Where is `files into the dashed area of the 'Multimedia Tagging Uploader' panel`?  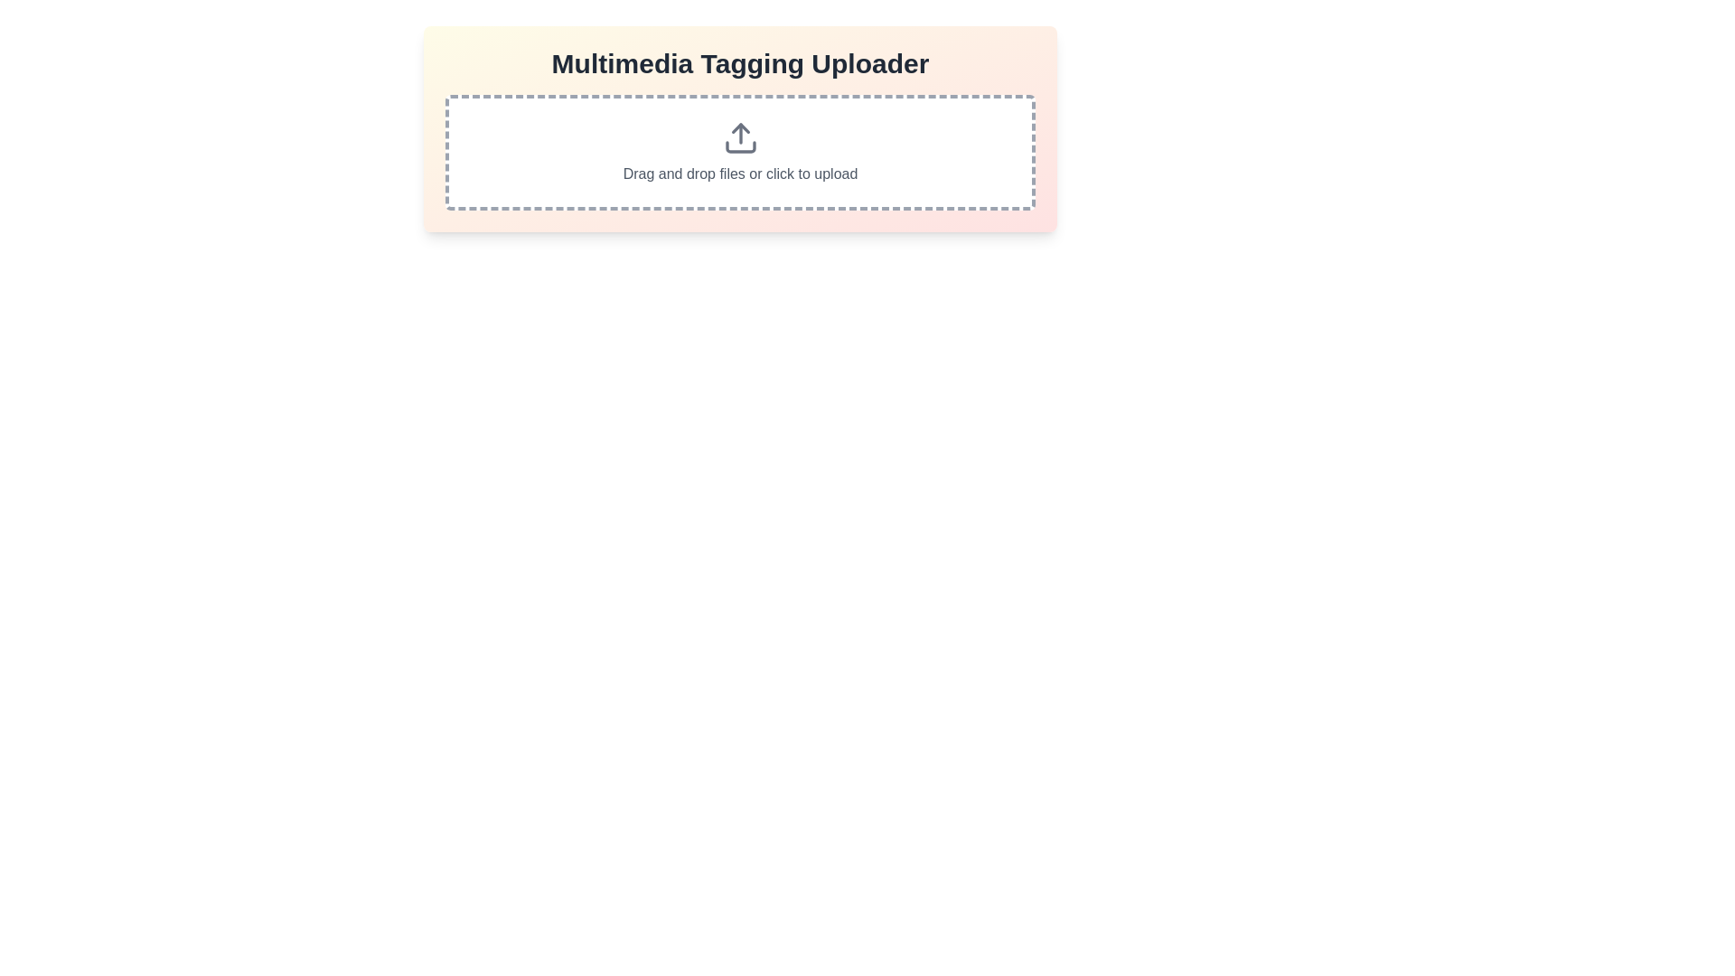 files into the dashed area of the 'Multimedia Tagging Uploader' panel is located at coordinates (740, 127).